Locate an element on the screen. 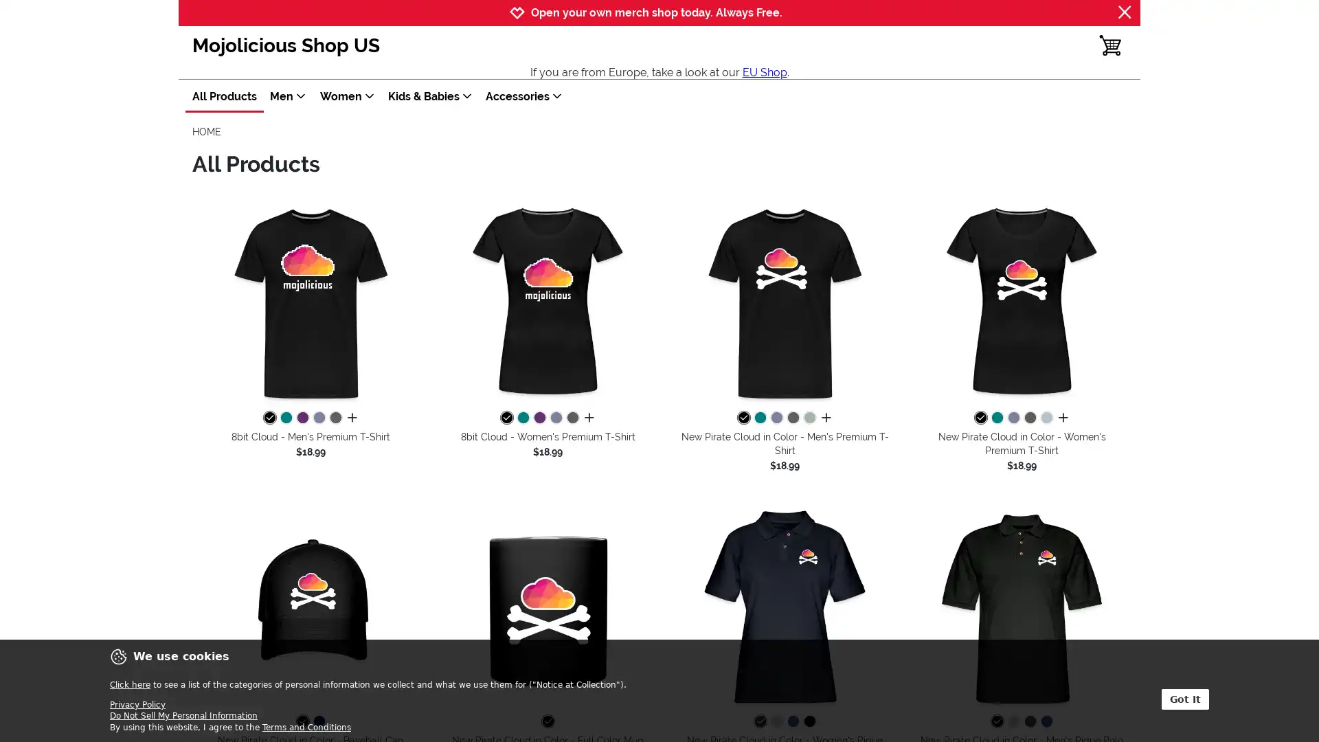 The width and height of the screenshot is (1319, 742). 8bit Cloud - Women's Premium T-Shirt is located at coordinates (547, 302).